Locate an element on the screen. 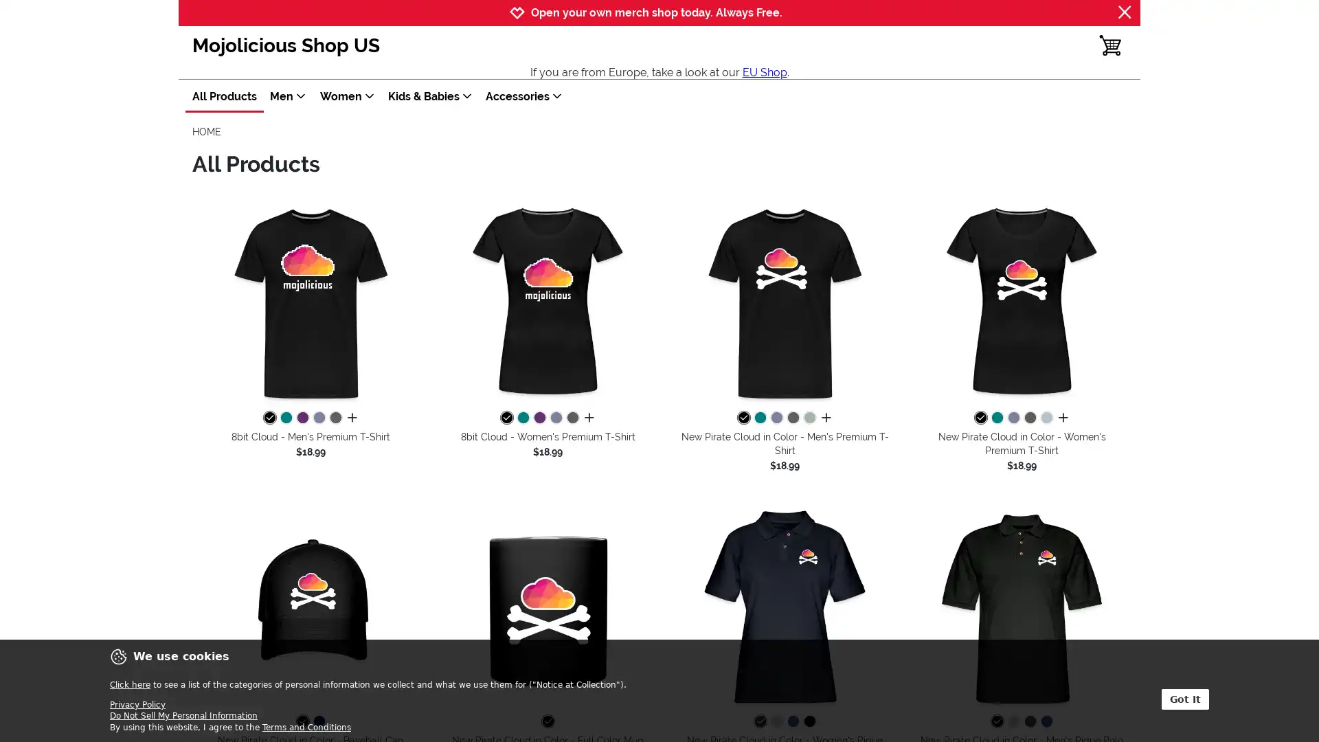 The width and height of the screenshot is (1319, 742). 8bit Cloud - Women's Premium T-Shirt is located at coordinates (547, 302).